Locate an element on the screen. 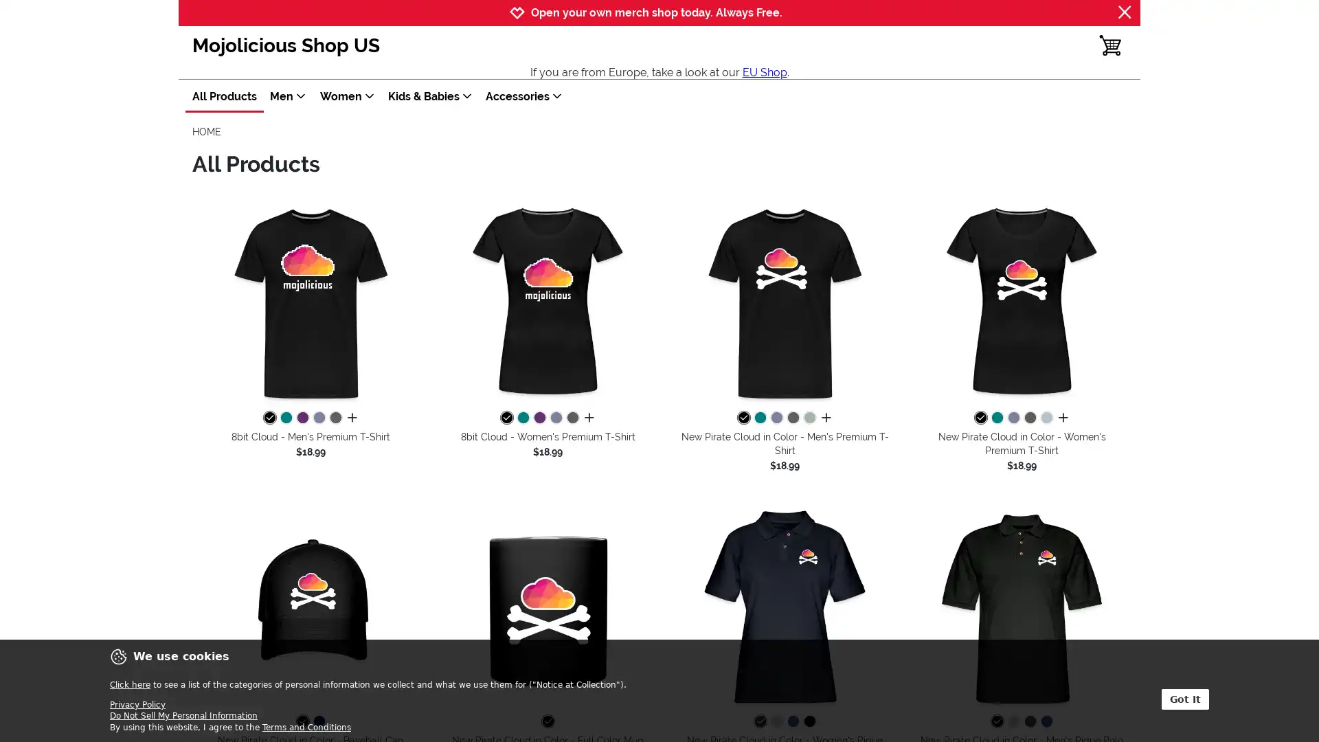 The width and height of the screenshot is (1319, 742). 8bit Cloud - Women's Premium T-Shirt is located at coordinates (547, 302).